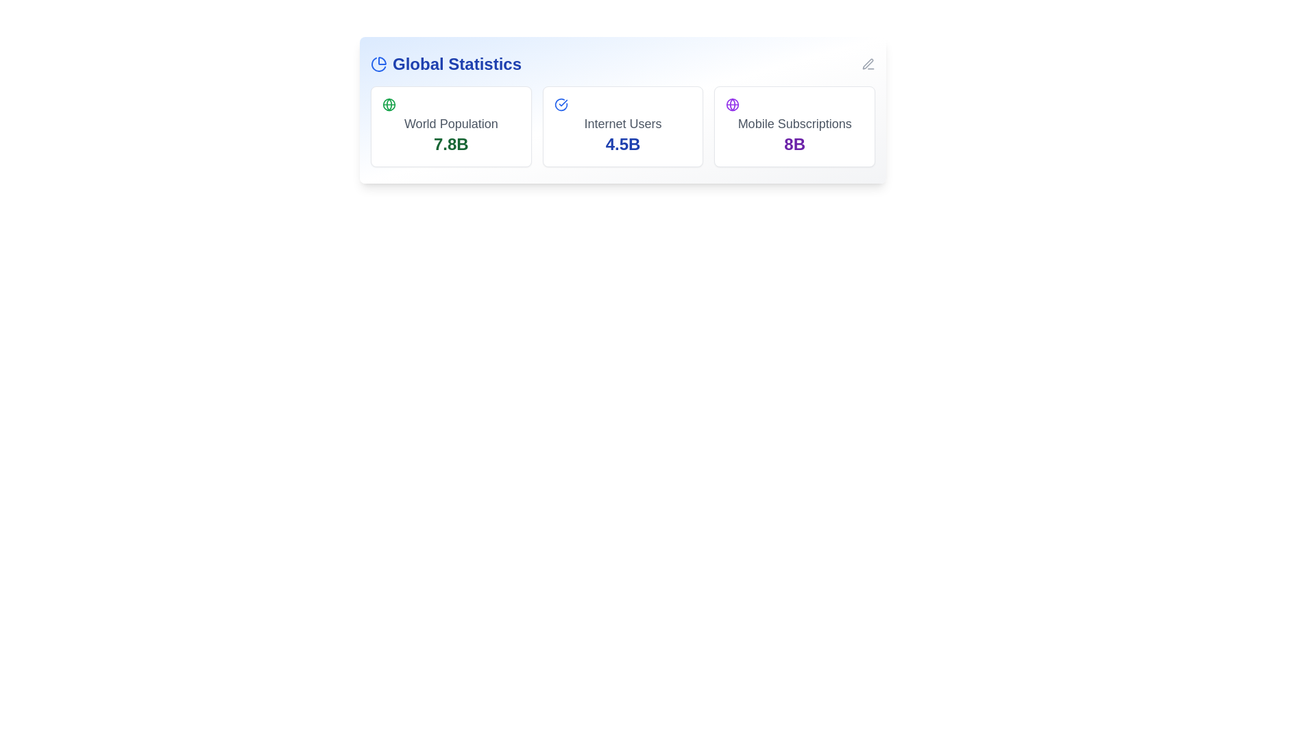 Image resolution: width=1316 pixels, height=740 pixels. I want to click on the Text Display that shows the total number of Internet users globally, located under the 'Internet Users' label in the middle section of the row, so click(622, 145).